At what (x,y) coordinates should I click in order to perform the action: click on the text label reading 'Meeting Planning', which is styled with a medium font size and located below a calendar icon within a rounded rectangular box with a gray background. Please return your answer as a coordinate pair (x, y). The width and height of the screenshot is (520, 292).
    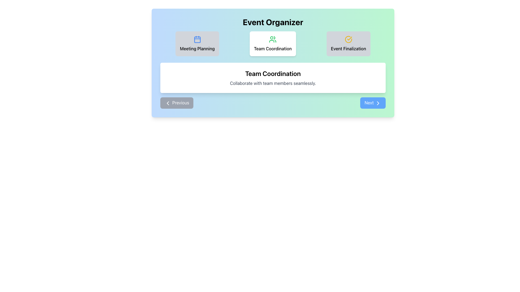
    Looking at the image, I should click on (197, 49).